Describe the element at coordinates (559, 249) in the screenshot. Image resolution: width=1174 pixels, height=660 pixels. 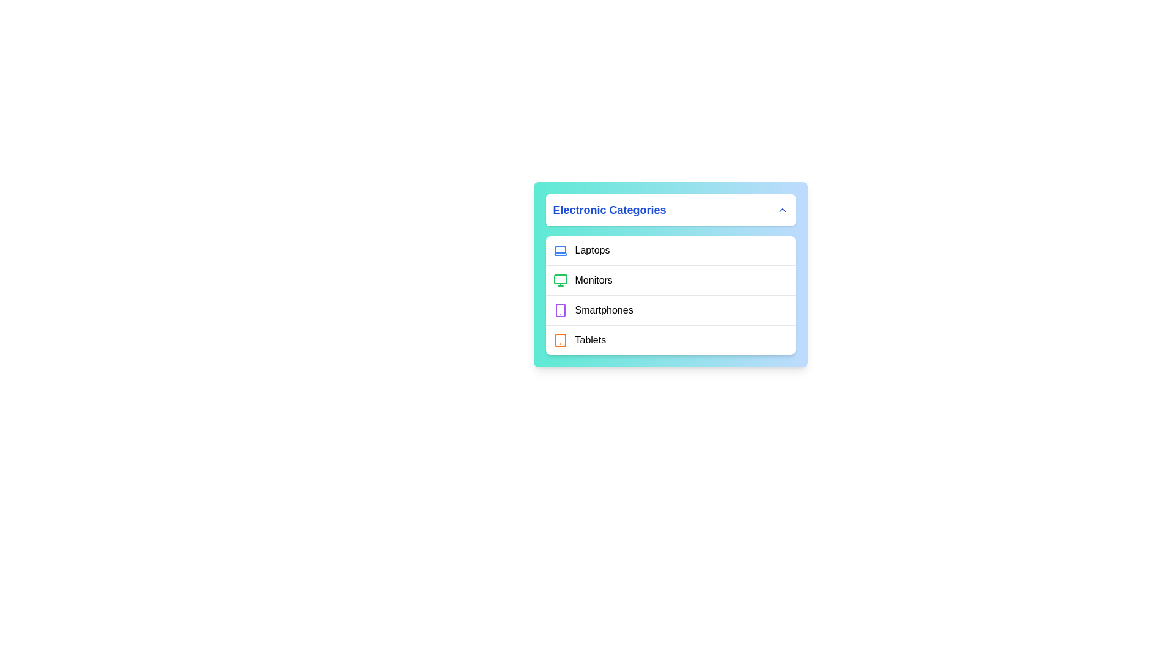
I see `the 'Laptops' category icon located in the upper section of the dropdown menu under the category header 'Electronic Categories'` at that location.